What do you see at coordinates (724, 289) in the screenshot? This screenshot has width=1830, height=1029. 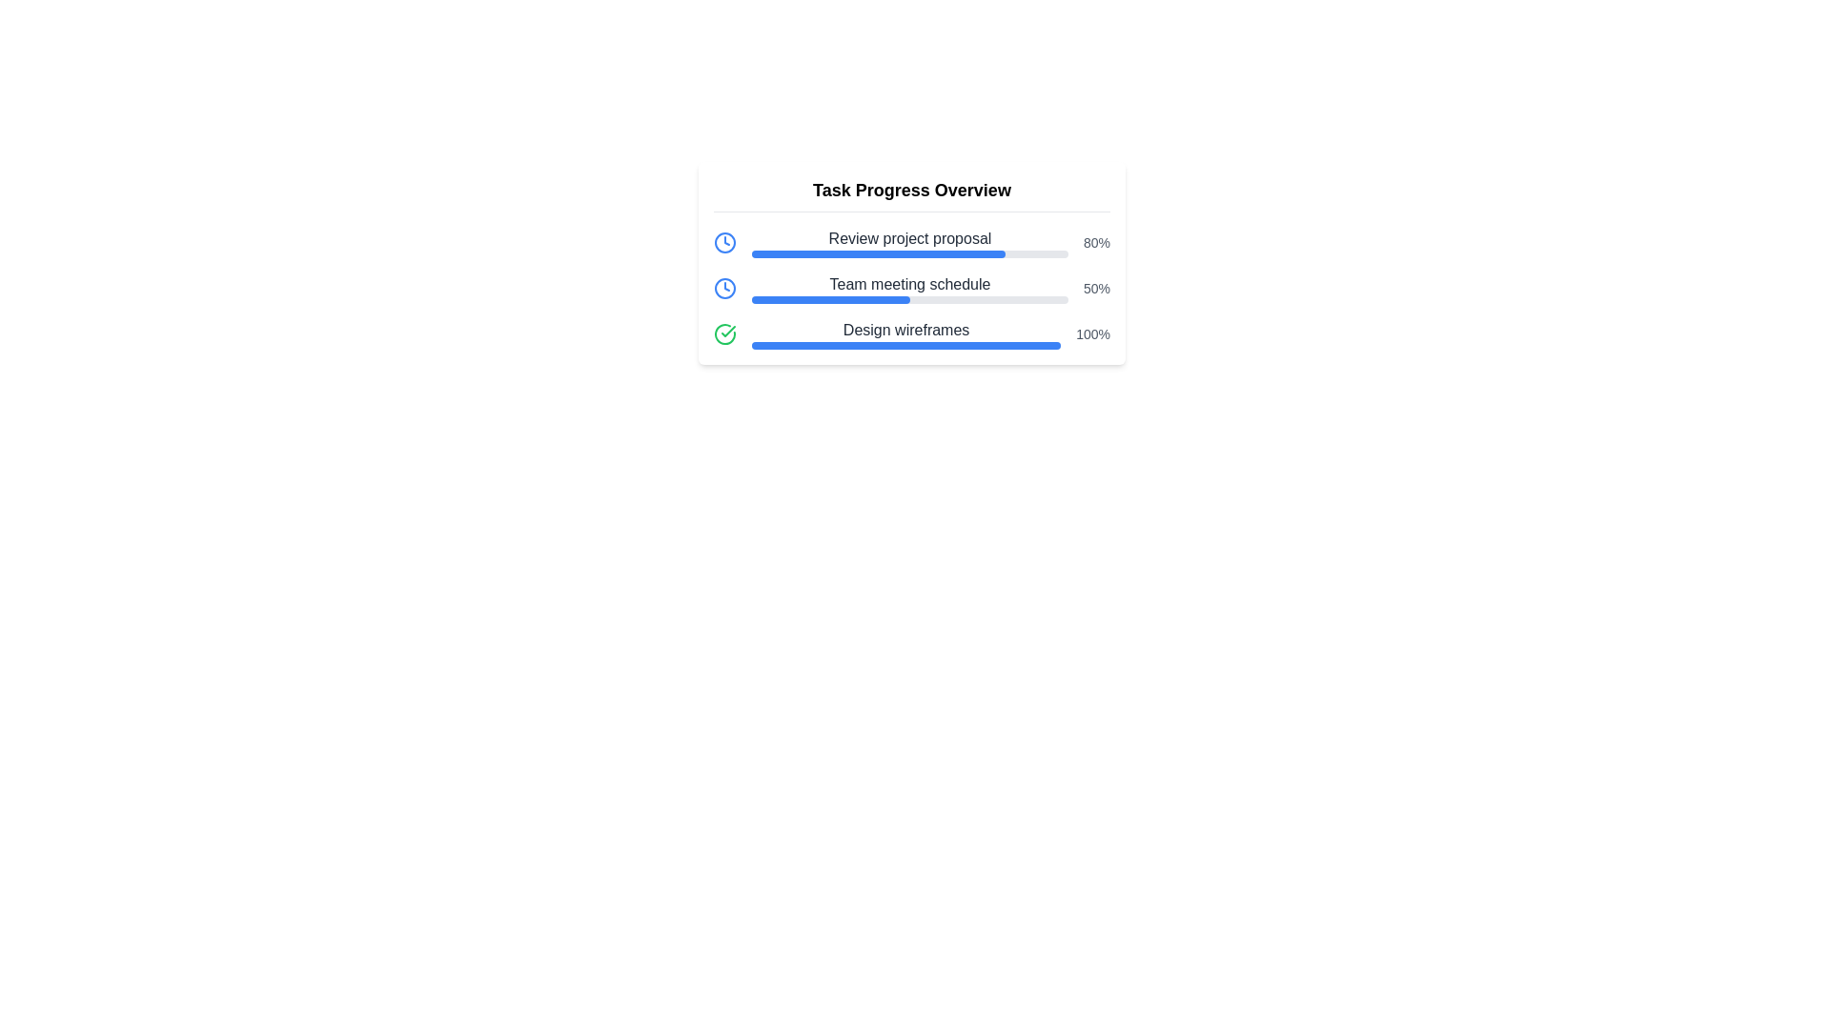 I see `the icon representing the scheduling of a team meeting, which is located to the left of the text 'Team meeting schedule' and above a progress bar indicating 50% completion` at bounding box center [724, 289].